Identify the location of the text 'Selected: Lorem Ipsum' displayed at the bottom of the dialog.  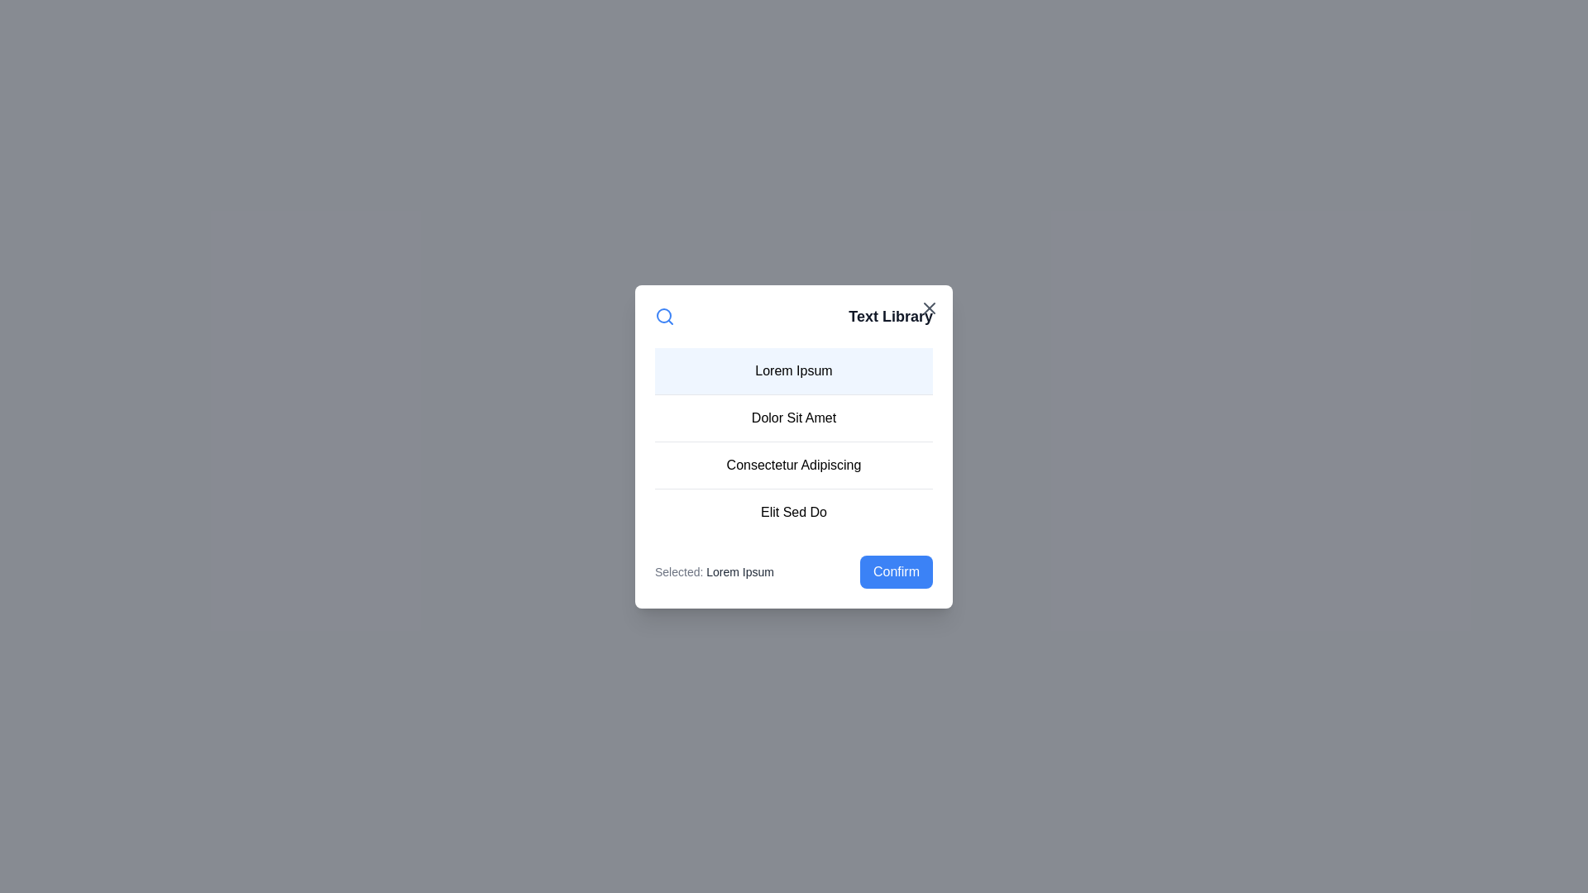
(715, 571).